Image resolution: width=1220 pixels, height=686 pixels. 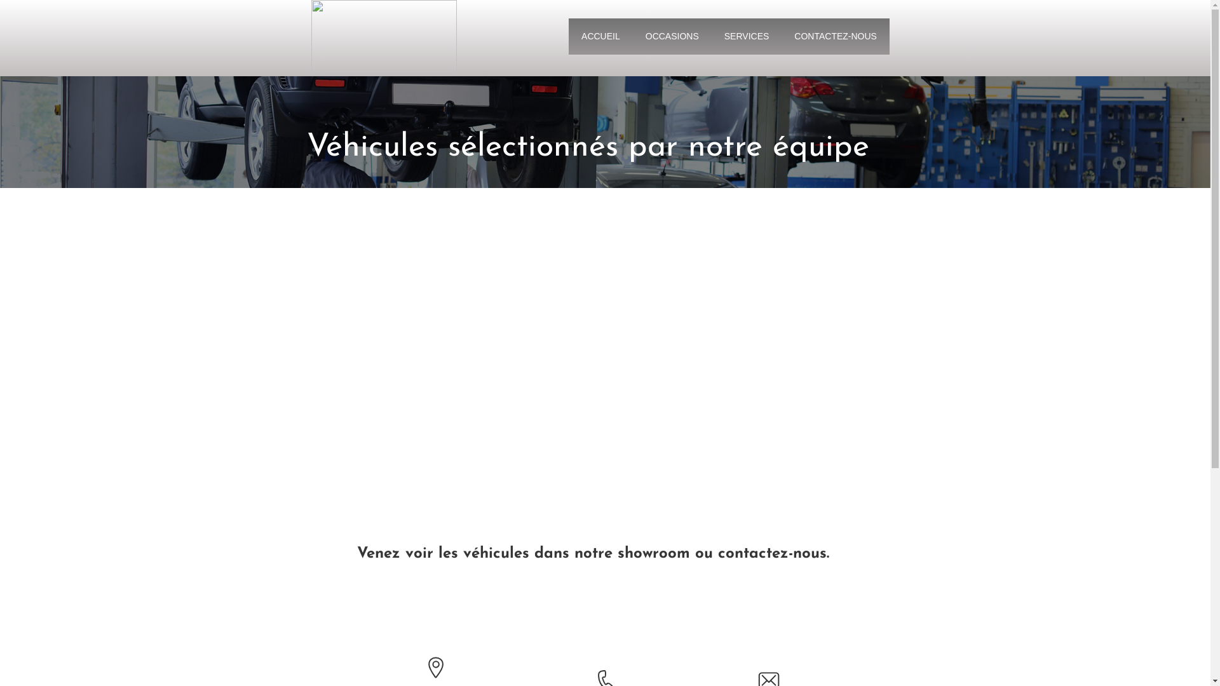 I want to click on 'ACCUEIL', so click(x=600, y=35).